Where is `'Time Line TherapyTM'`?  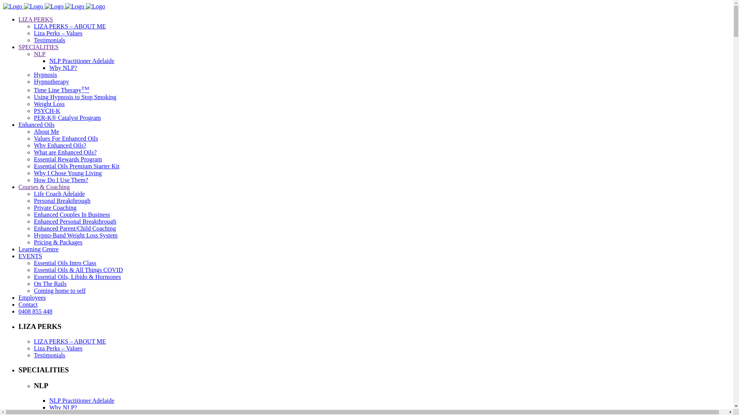 'Time Line TherapyTM' is located at coordinates (61, 90).